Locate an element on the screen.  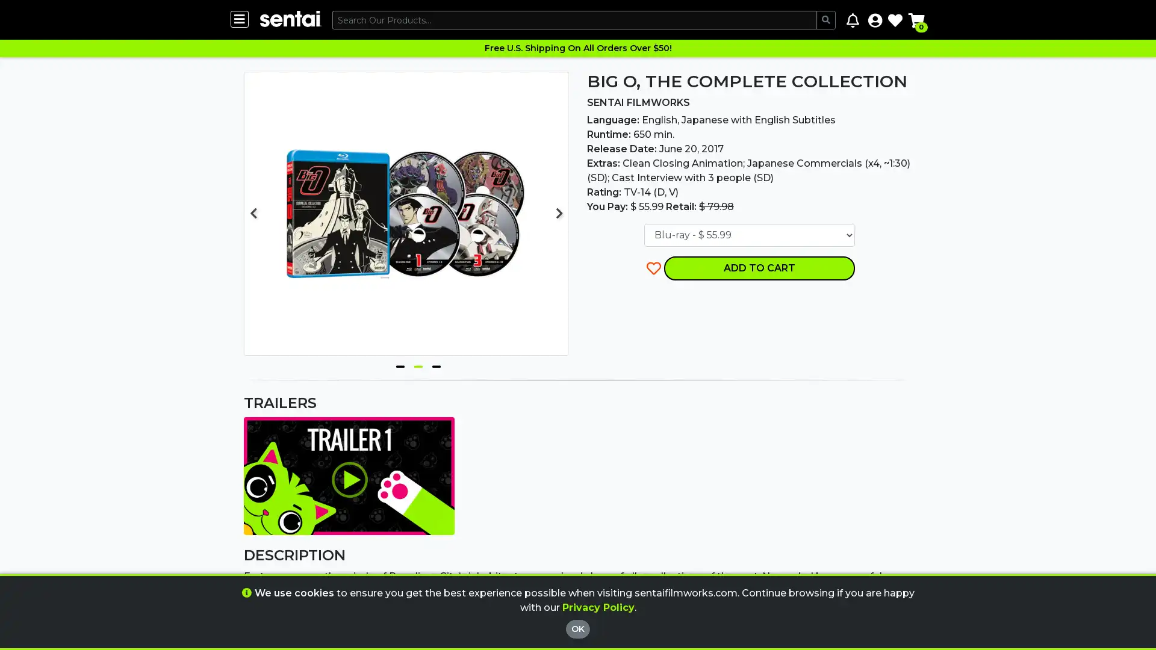
Wishlist is located at coordinates (895, 20).